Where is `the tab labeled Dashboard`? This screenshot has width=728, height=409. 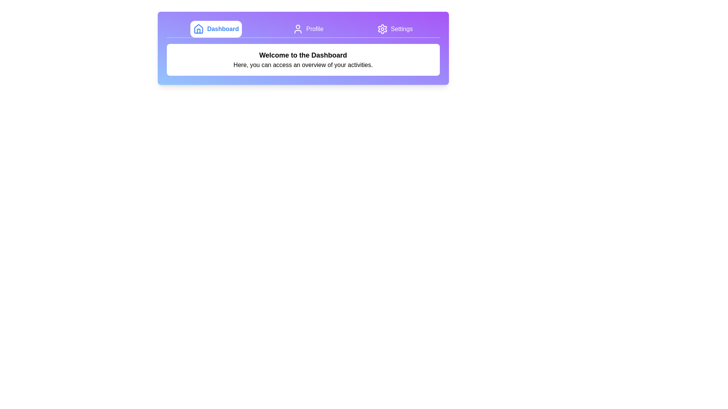 the tab labeled Dashboard is located at coordinates (216, 29).